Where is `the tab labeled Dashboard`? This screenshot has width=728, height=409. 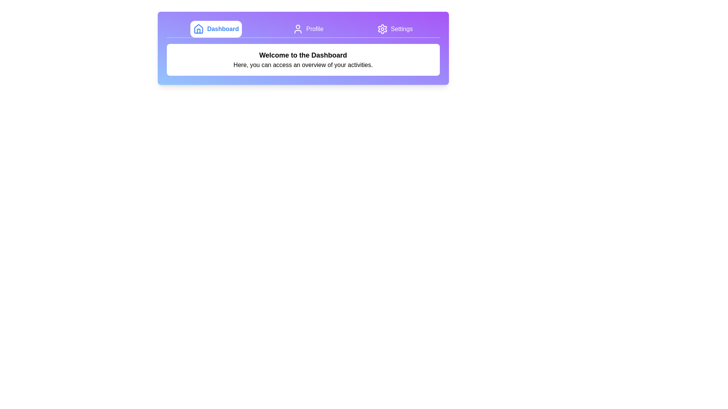 the tab labeled Dashboard is located at coordinates (216, 29).